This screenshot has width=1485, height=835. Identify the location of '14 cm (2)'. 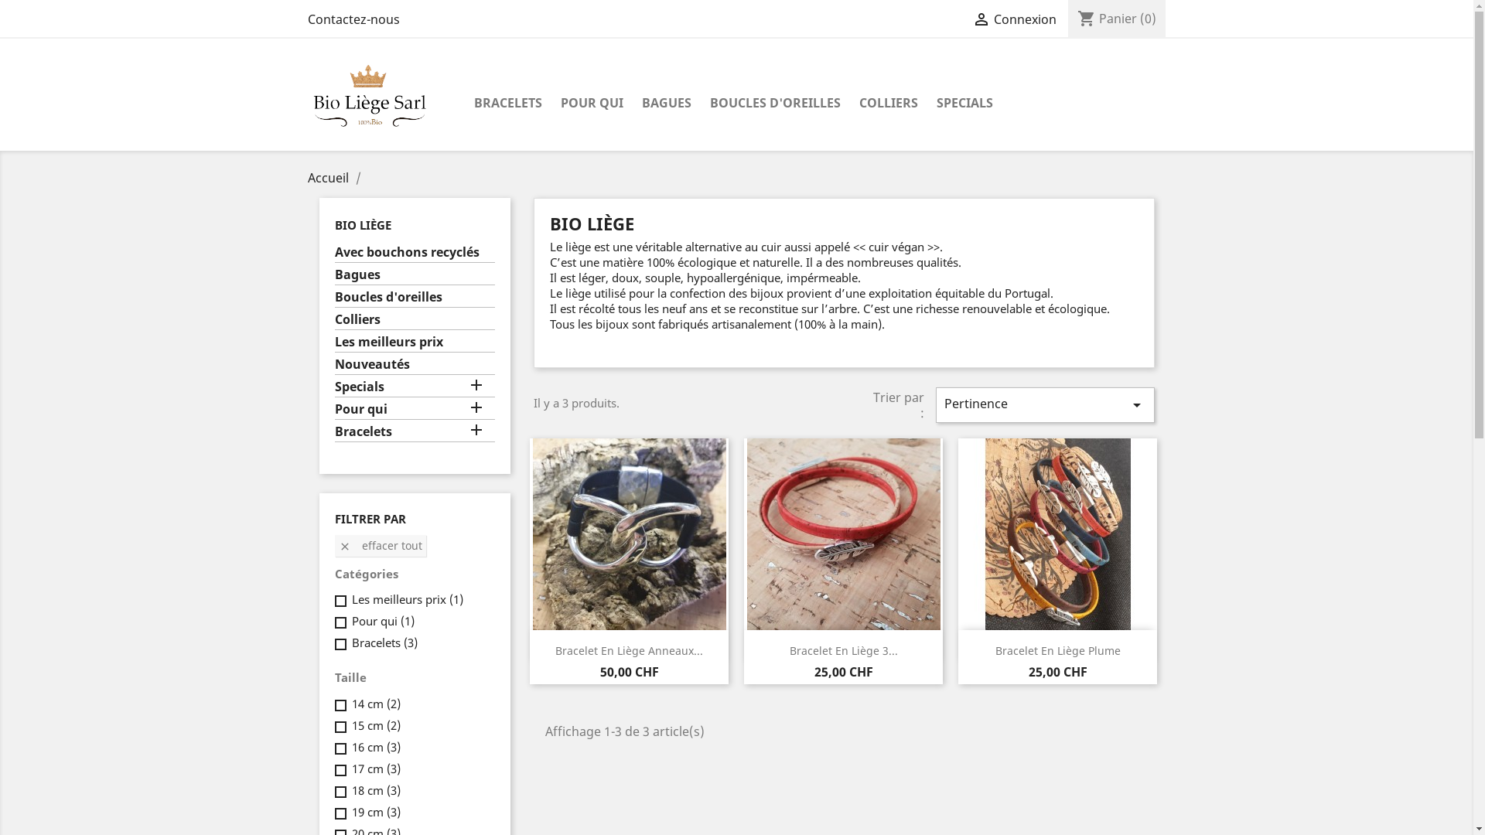
(375, 704).